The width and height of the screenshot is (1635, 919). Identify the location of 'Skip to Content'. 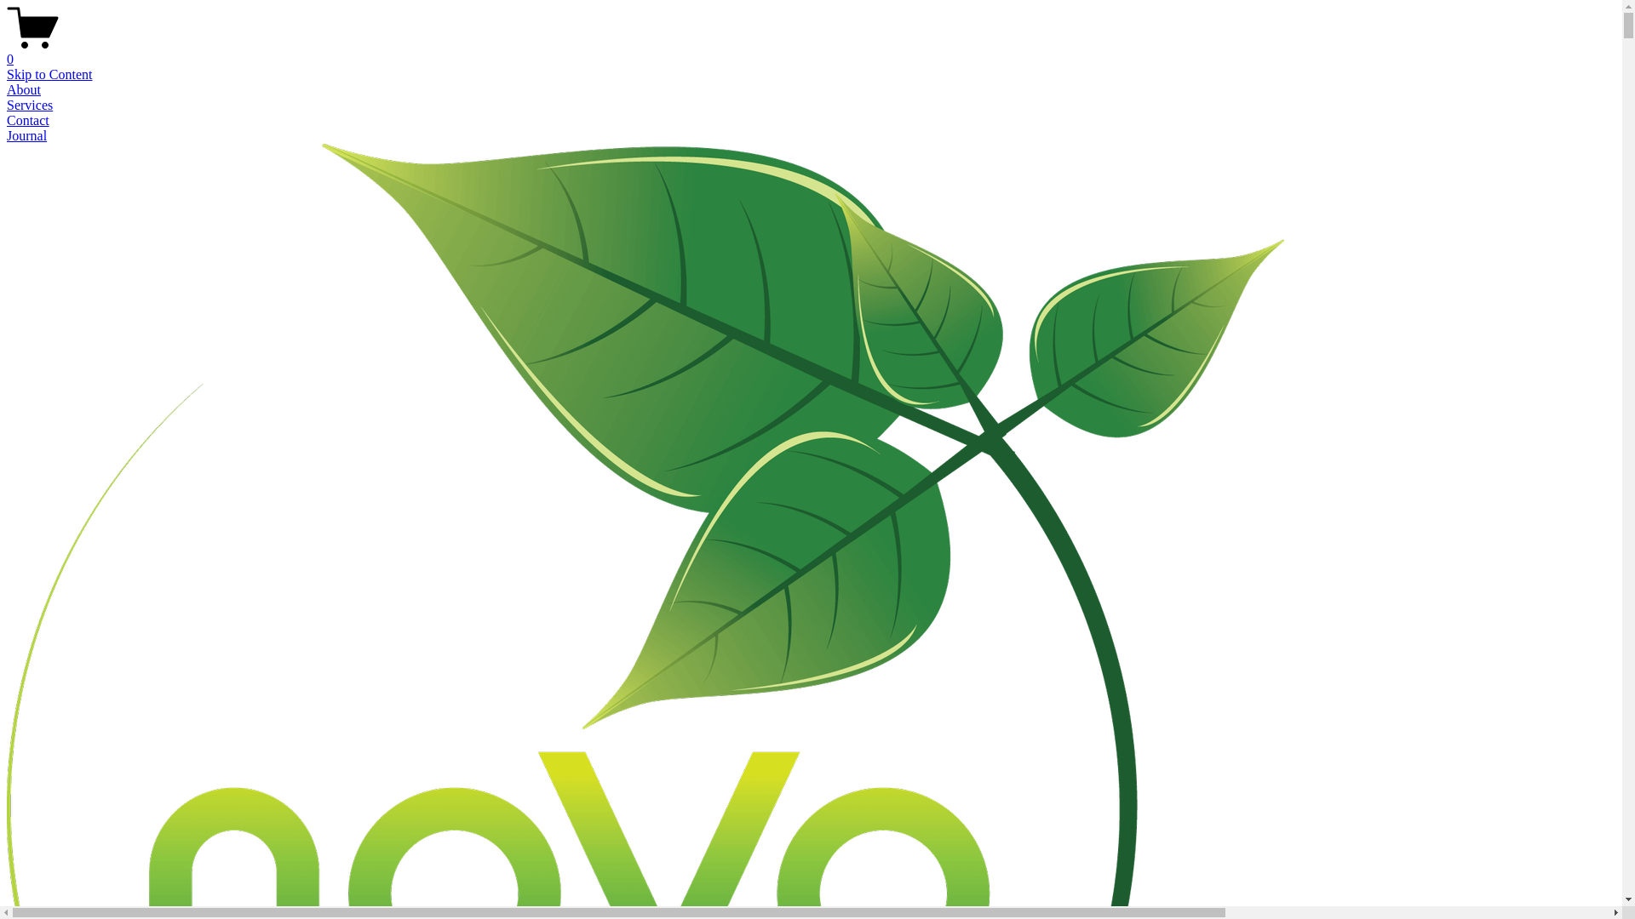
(49, 73).